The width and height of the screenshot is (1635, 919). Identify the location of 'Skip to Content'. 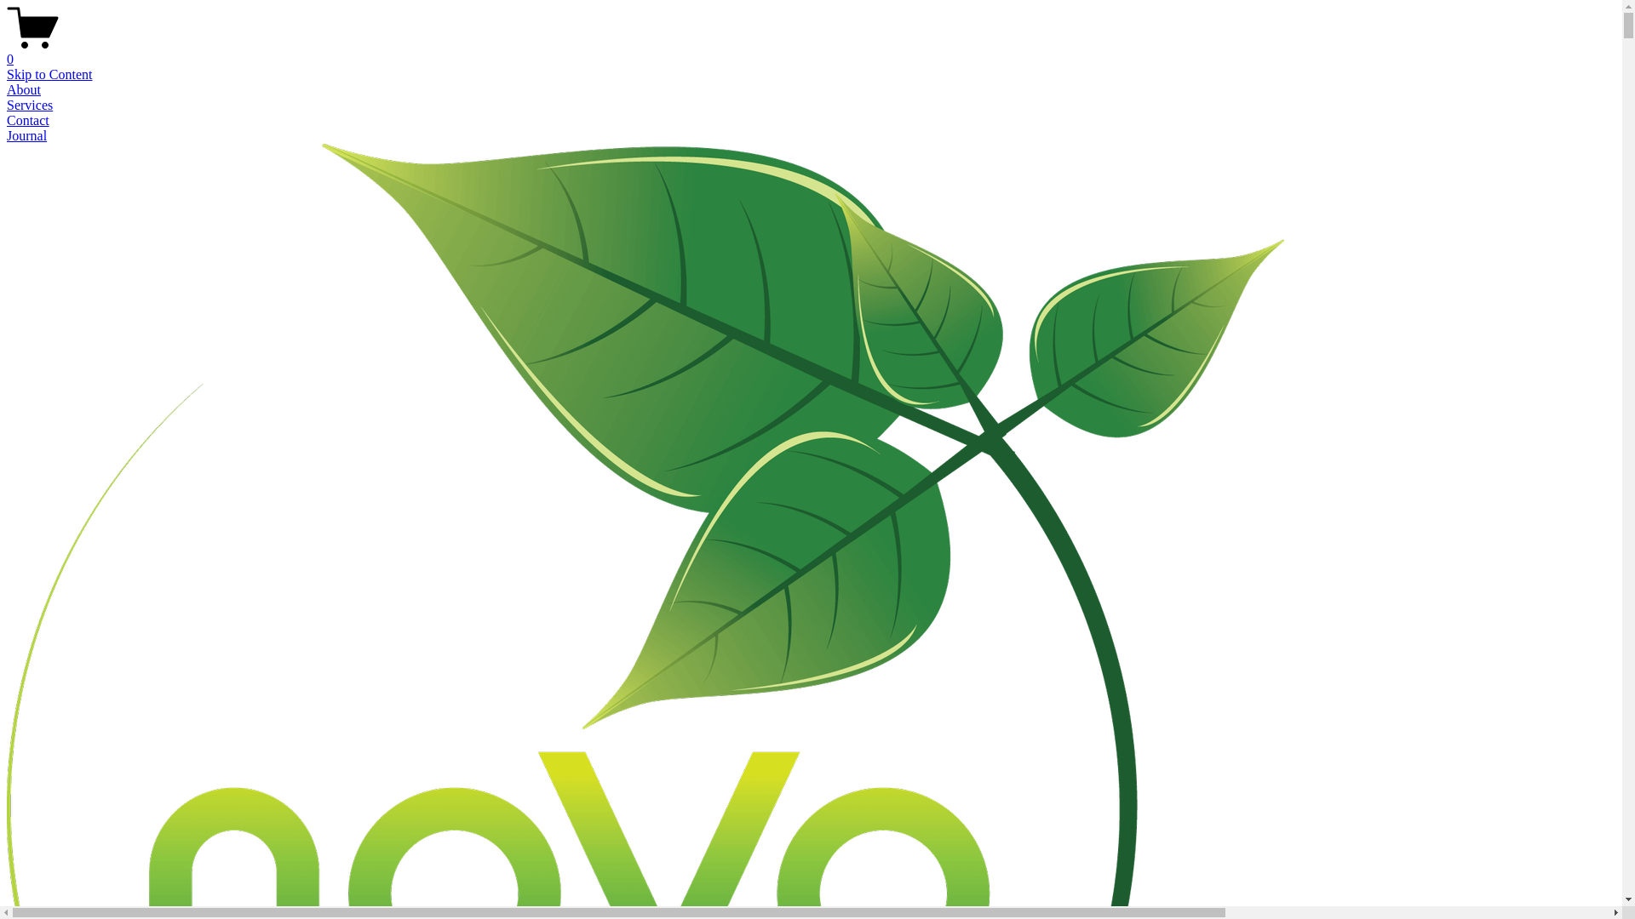
(49, 73).